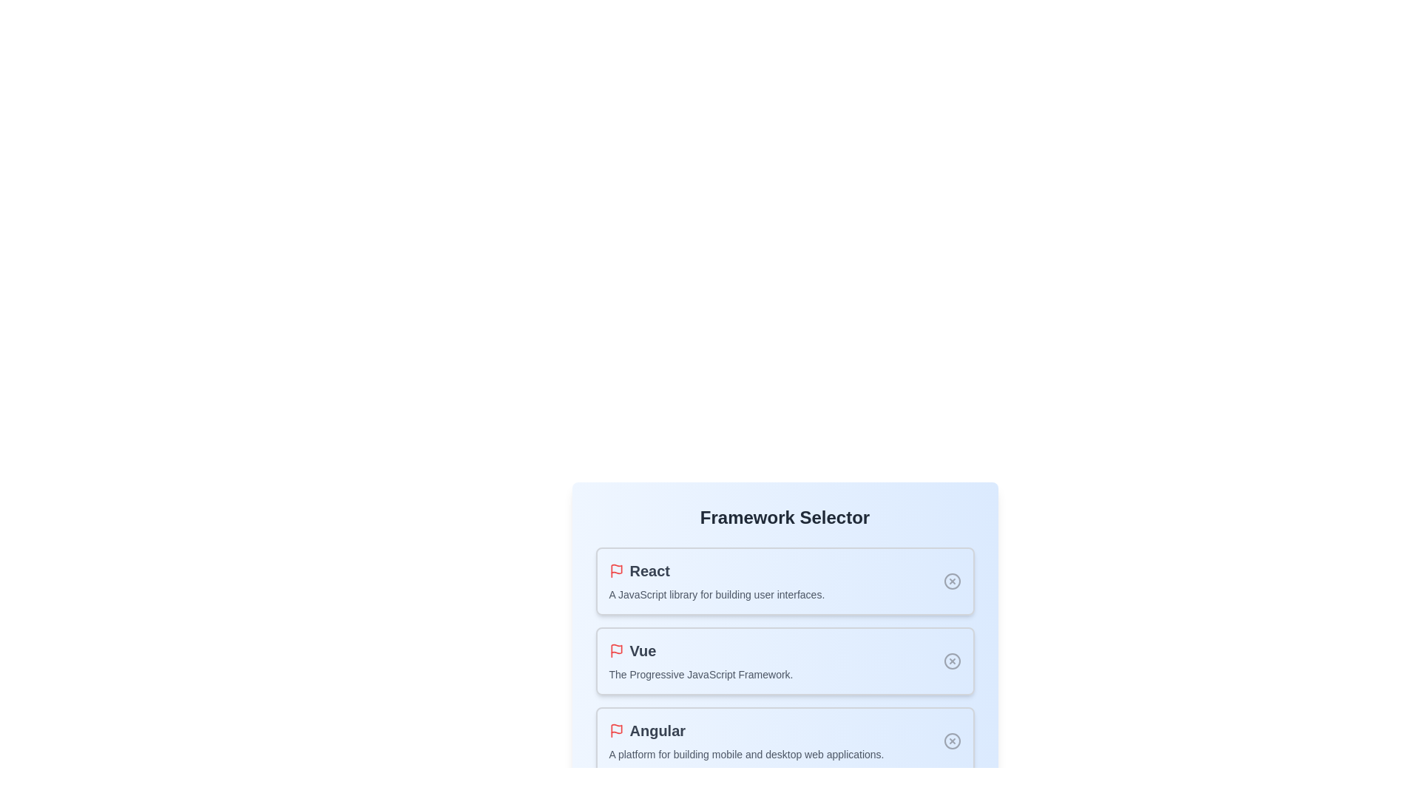 This screenshot has width=1420, height=799. What do you see at coordinates (784, 661) in the screenshot?
I see `the framework Vue by clicking on its container` at bounding box center [784, 661].